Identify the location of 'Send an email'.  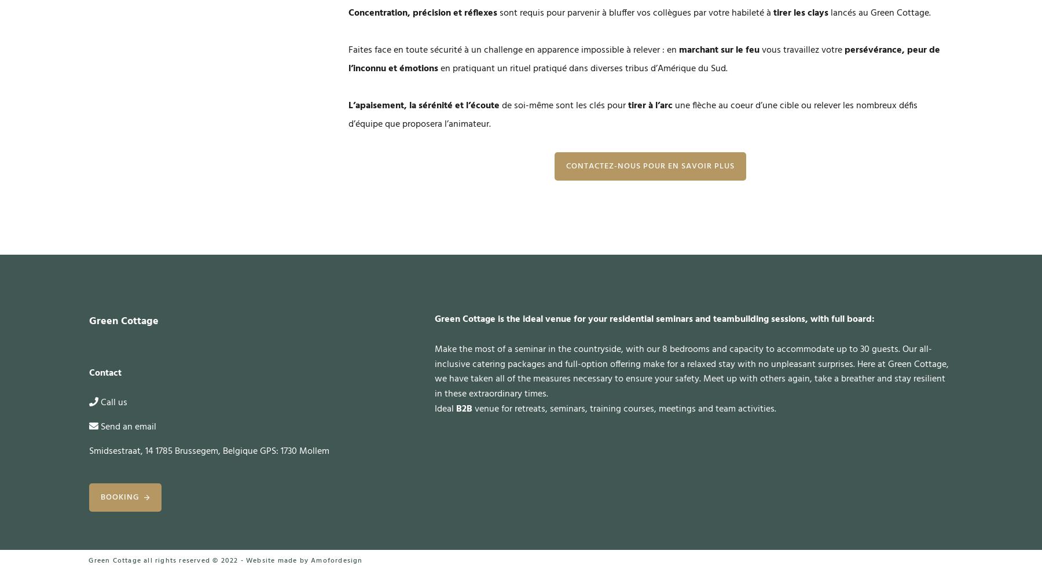
(128, 427).